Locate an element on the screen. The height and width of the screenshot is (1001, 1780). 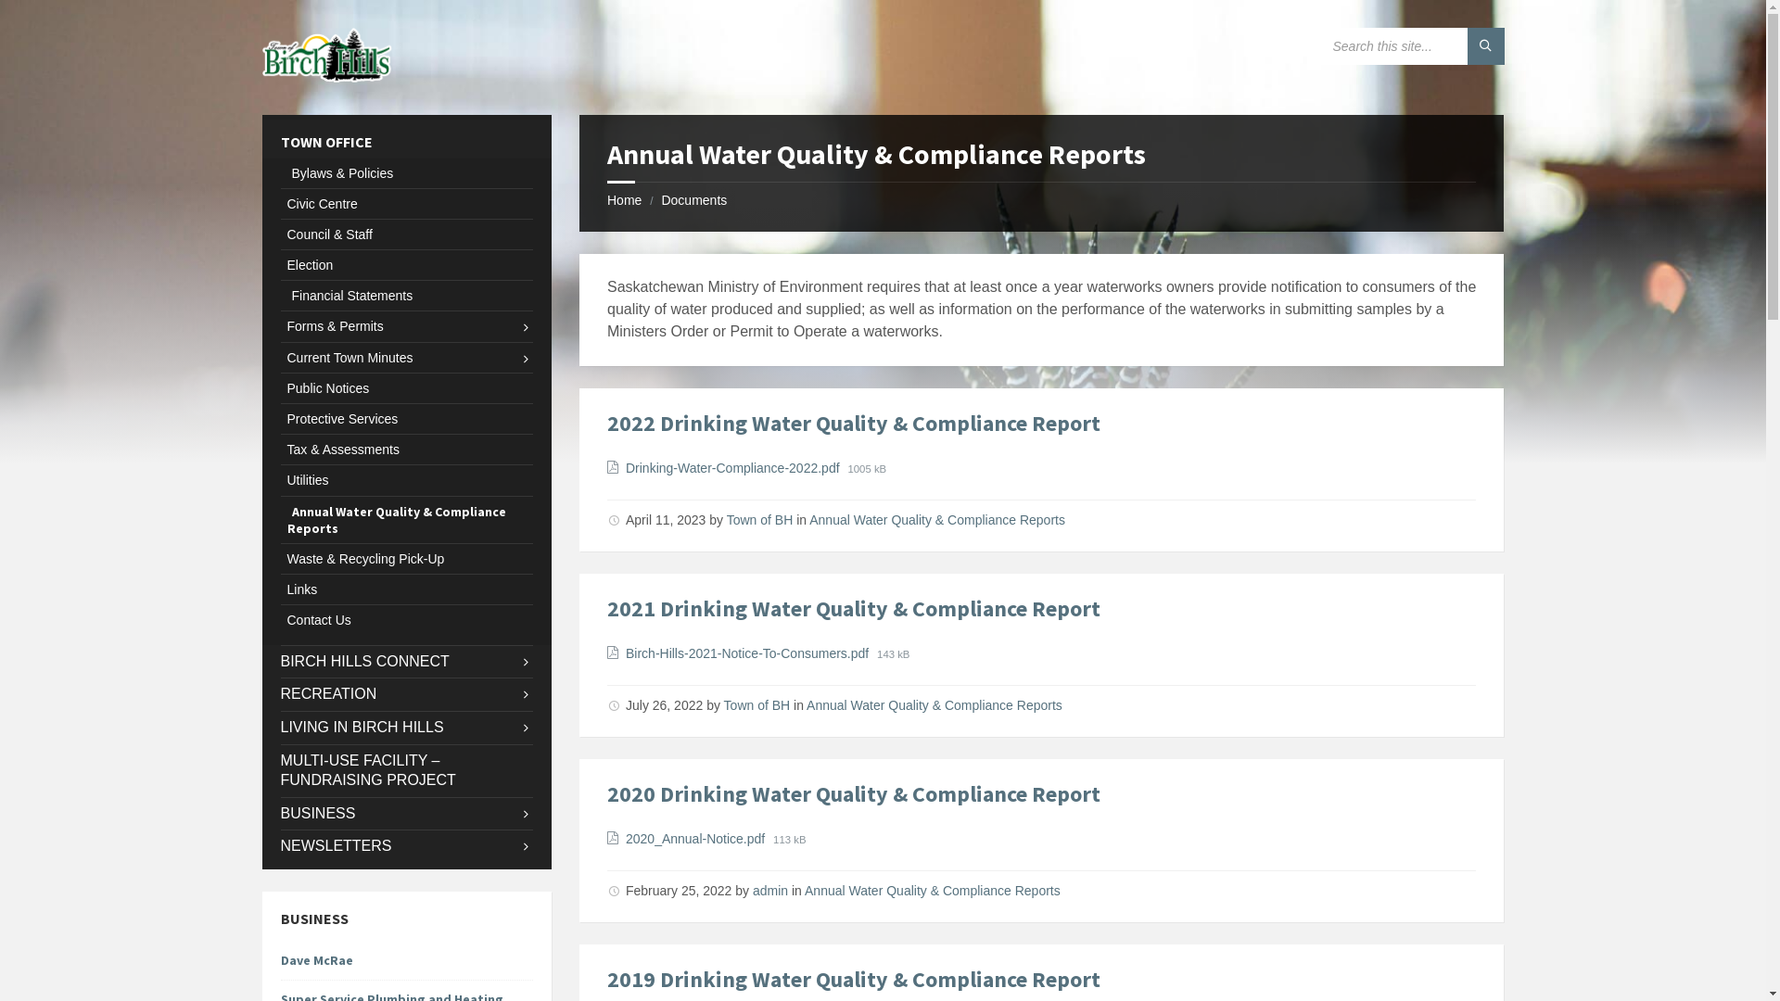
'admin' is located at coordinates (752, 889).